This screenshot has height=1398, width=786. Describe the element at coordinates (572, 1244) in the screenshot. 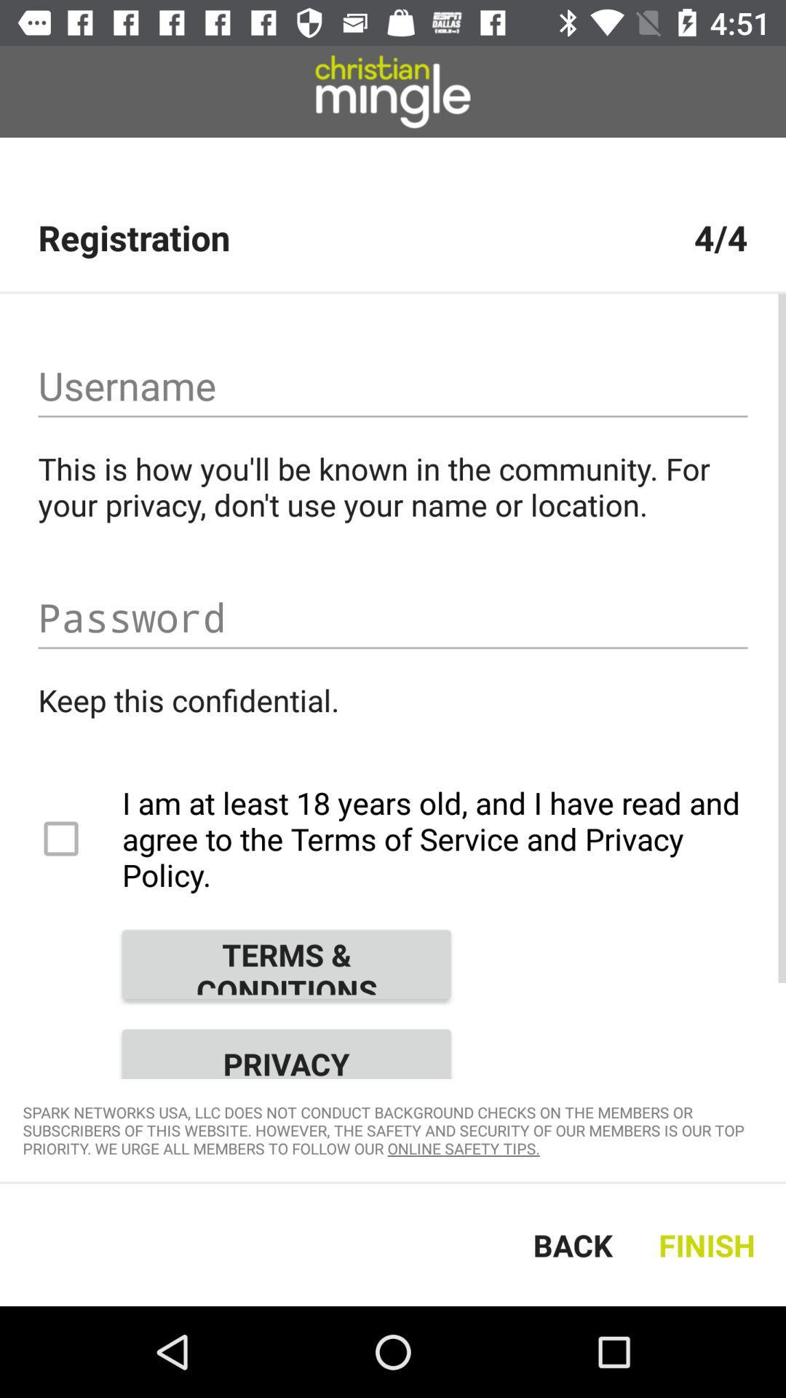

I see `the back icon` at that location.